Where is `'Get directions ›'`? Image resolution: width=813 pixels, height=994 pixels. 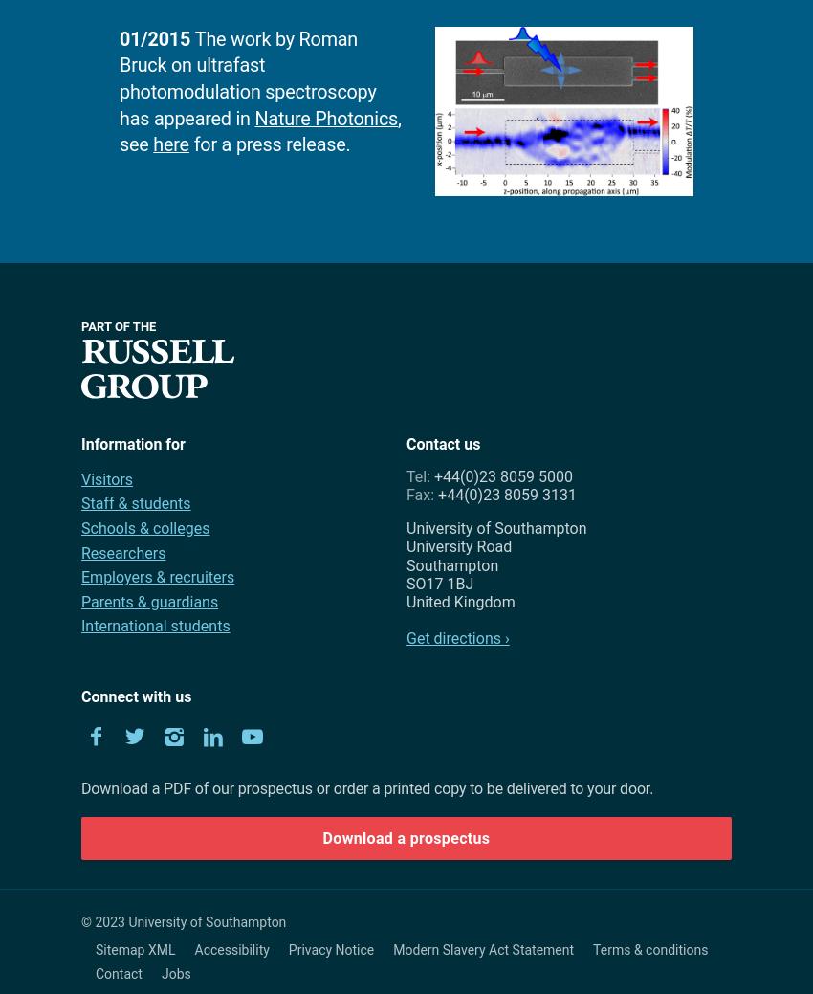
'Get directions ›' is located at coordinates (457, 638).